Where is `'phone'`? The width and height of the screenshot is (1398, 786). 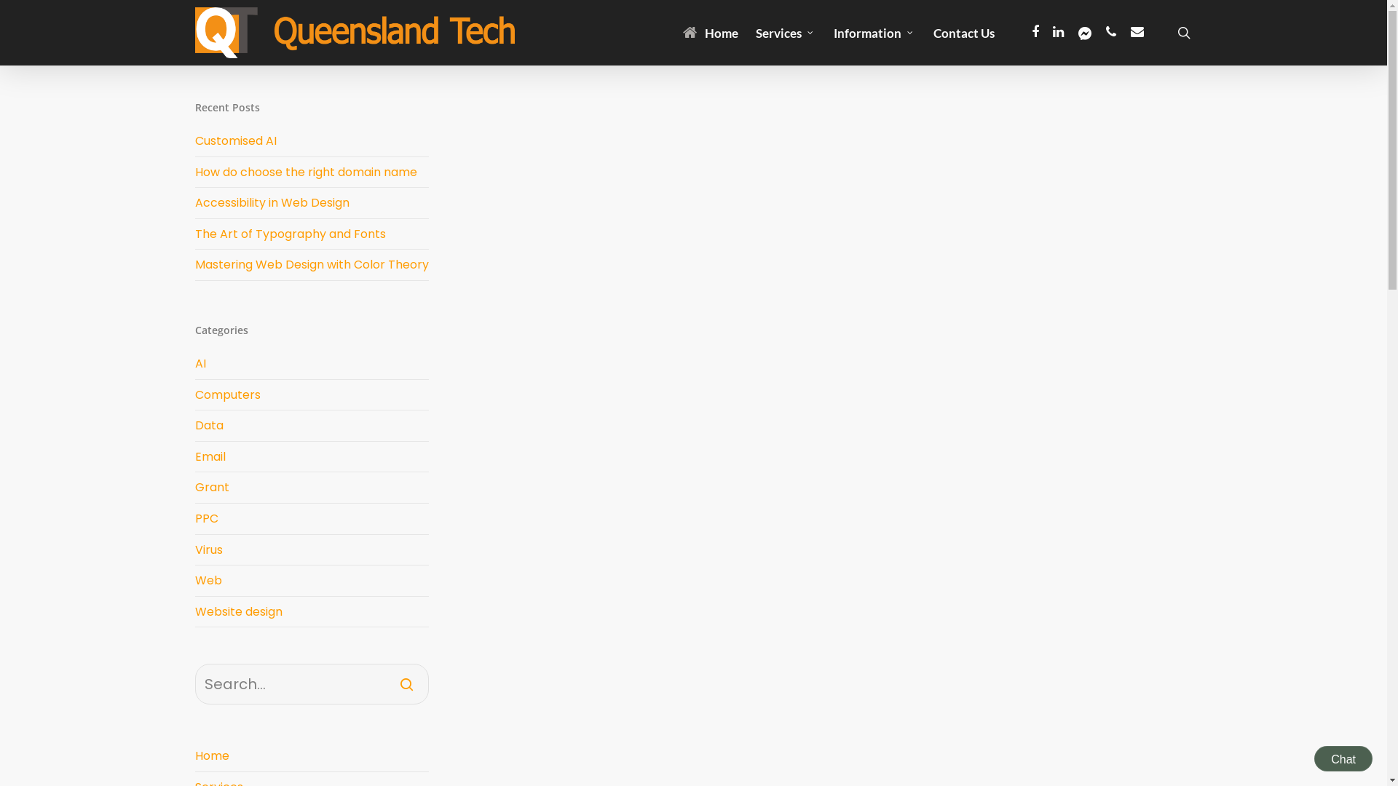
'phone' is located at coordinates (1110, 33).